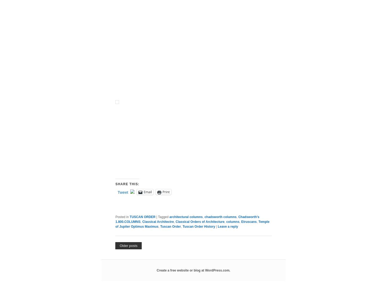  I want to click on '•  The Temple of Jupiter Optimus Maximus', so click(153, 190).